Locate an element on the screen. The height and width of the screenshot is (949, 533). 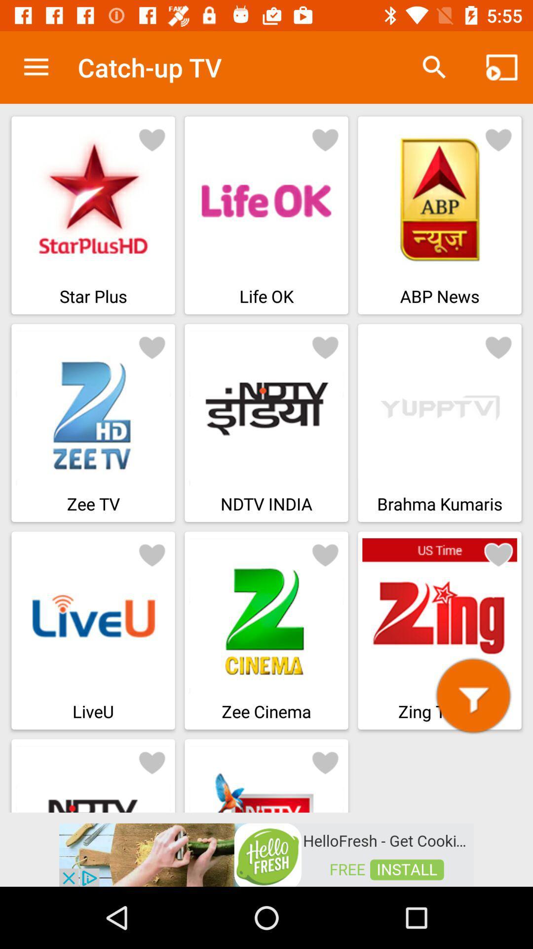
click on like button is located at coordinates (325, 139).